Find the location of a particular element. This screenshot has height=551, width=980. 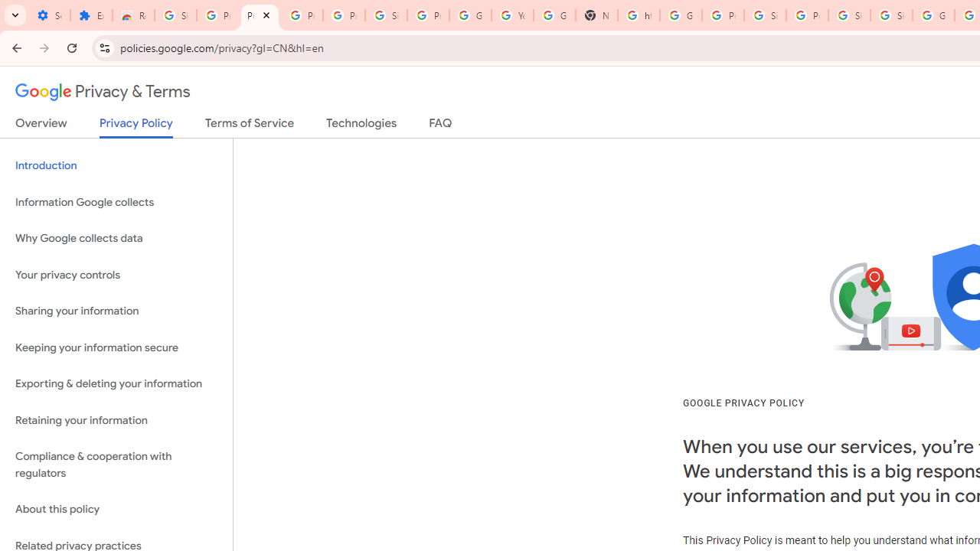

'https://scholar.google.com/' is located at coordinates (638, 15).